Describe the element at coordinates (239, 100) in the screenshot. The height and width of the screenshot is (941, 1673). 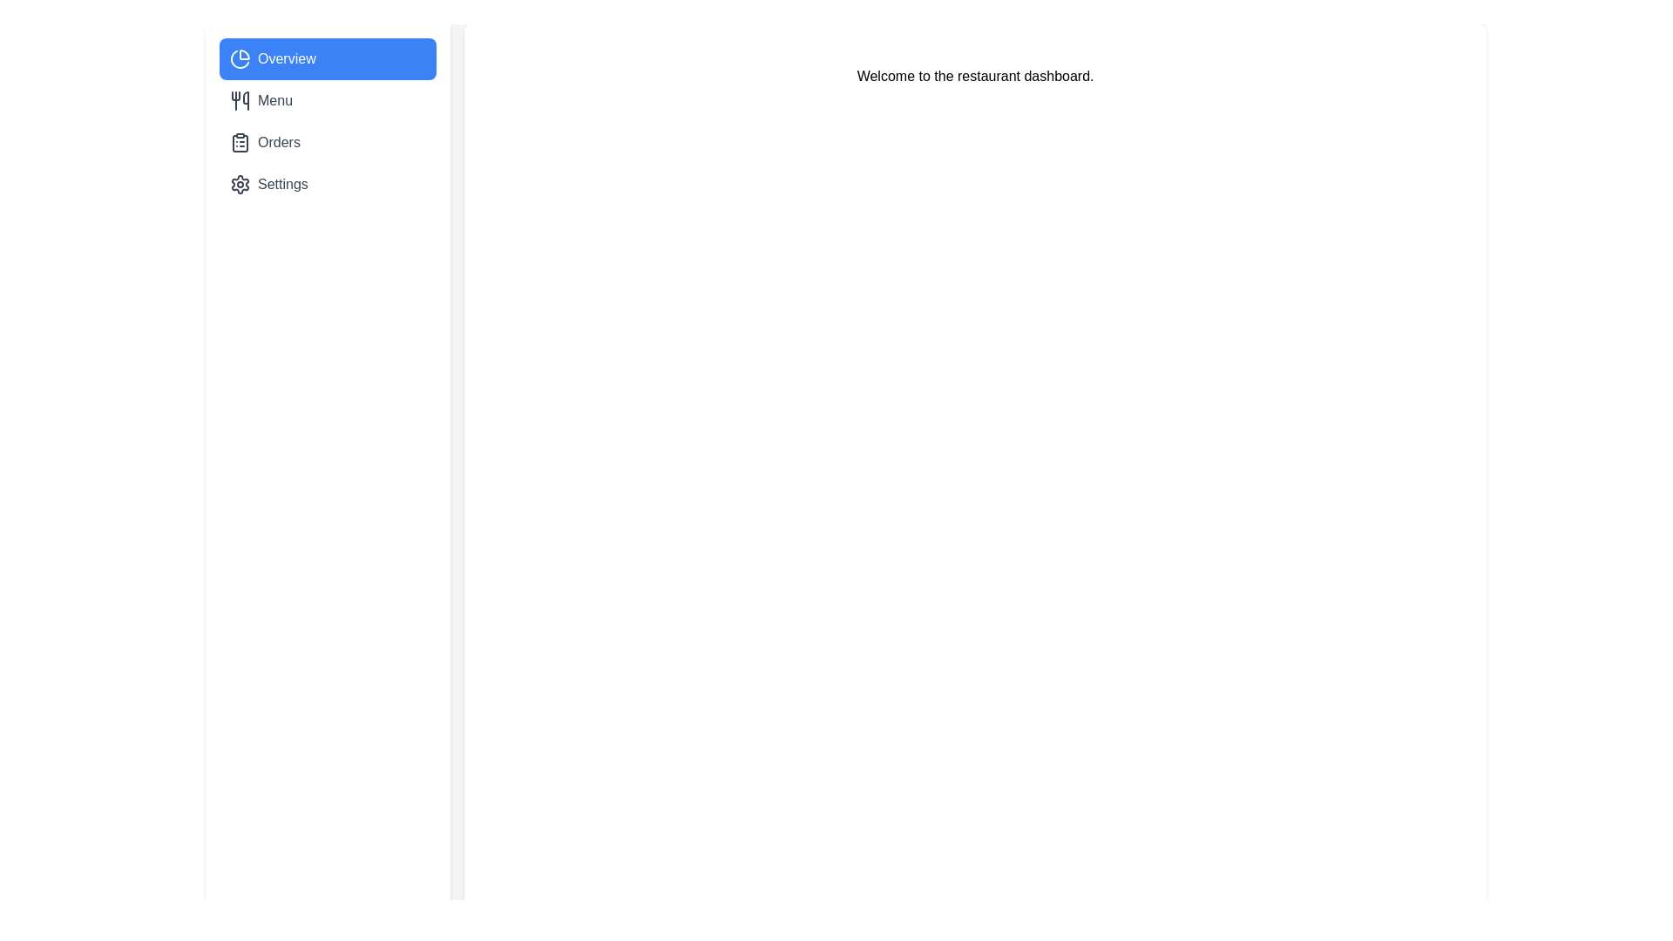
I see `the utensils icon in the left-side navigation menu, which is located directly to the left of the text 'Menu'` at that location.